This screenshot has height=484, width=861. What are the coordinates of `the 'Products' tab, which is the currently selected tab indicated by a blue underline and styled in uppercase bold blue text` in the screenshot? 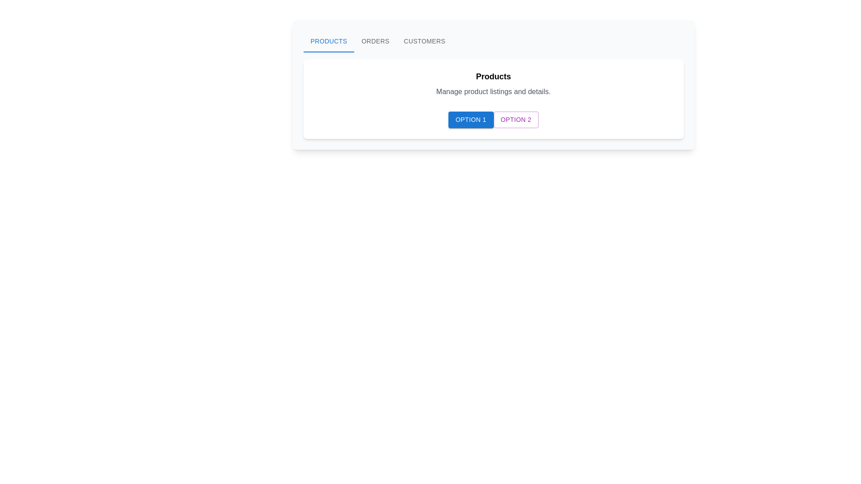 It's located at (328, 41).